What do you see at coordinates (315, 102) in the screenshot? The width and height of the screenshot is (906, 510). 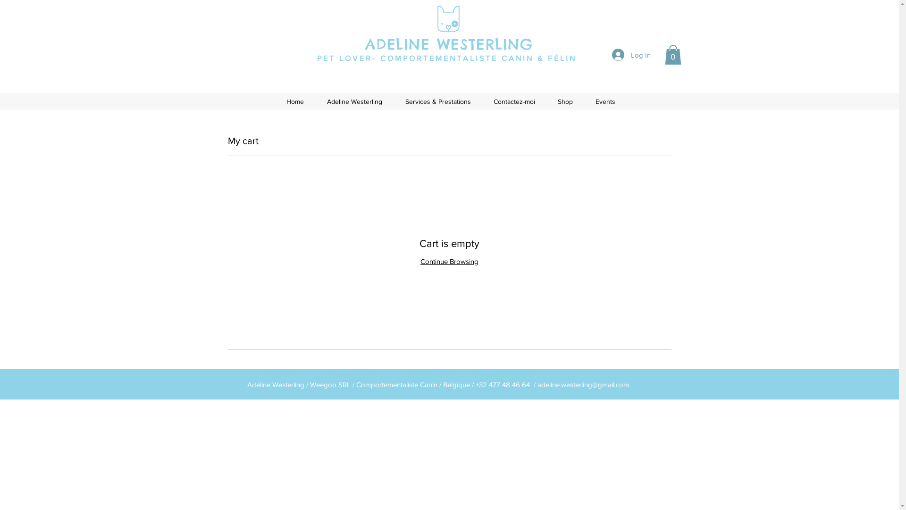 I see `'Adeline Westerling'` at bounding box center [315, 102].